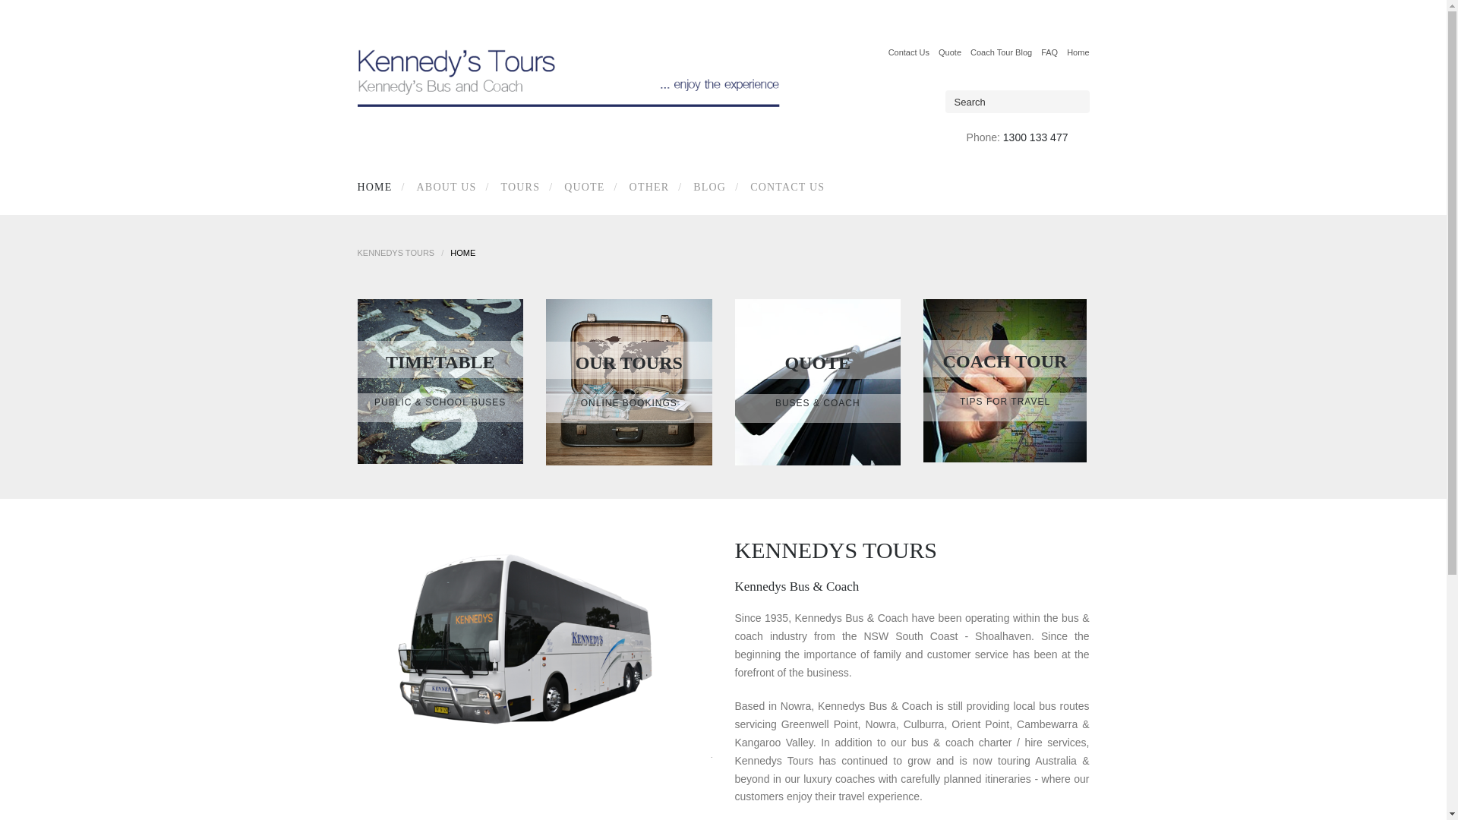  I want to click on 'ONLINE BOOKINGS', so click(629, 402).